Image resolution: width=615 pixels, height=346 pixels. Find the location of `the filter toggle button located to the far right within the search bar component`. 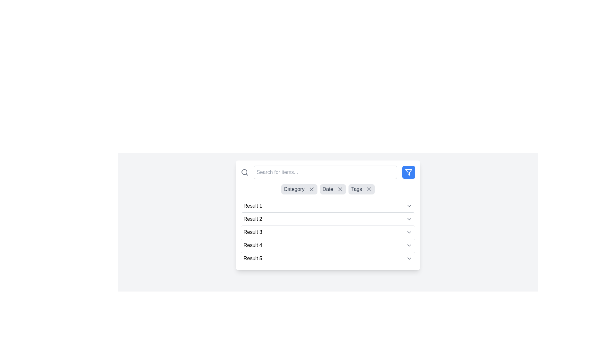

the filter toggle button located to the far right within the search bar component is located at coordinates (408, 172).